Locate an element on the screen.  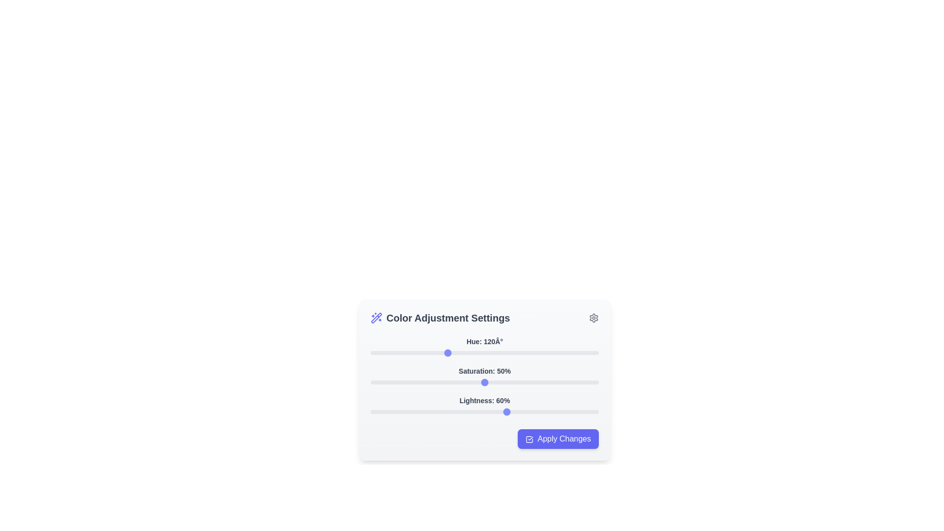
the saturation is located at coordinates (383, 382).